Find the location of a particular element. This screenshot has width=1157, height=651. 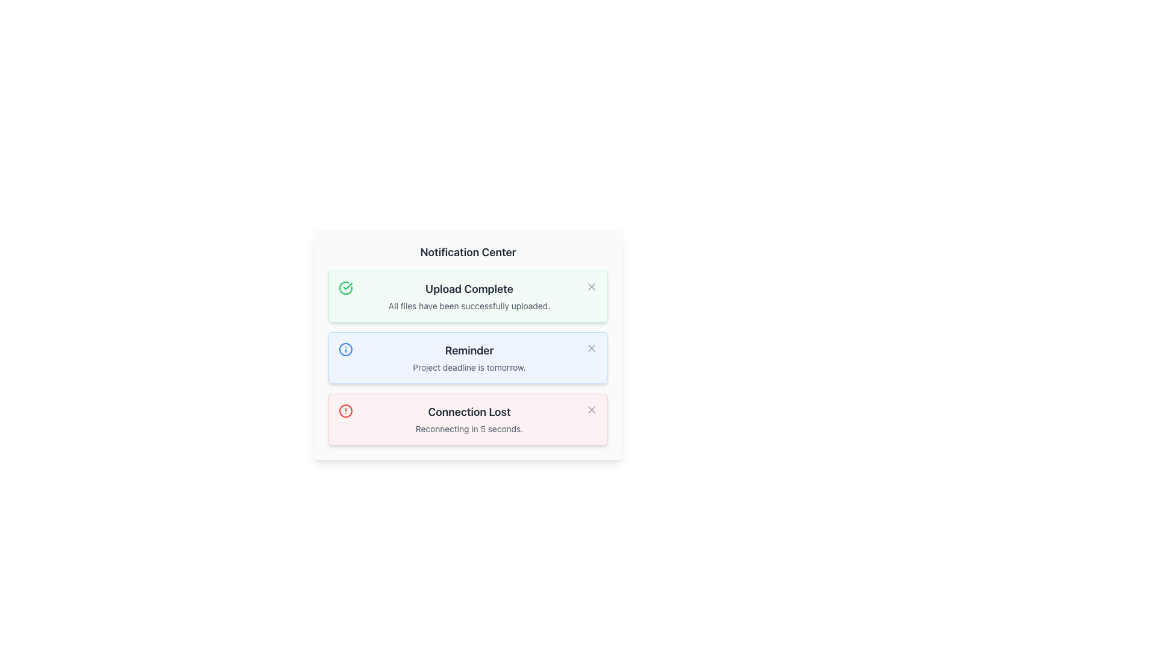

the static text element reading 'All files have been successfully uploaded.' which is located below the title 'Upload Complete' in the first notification box is located at coordinates (468, 306).